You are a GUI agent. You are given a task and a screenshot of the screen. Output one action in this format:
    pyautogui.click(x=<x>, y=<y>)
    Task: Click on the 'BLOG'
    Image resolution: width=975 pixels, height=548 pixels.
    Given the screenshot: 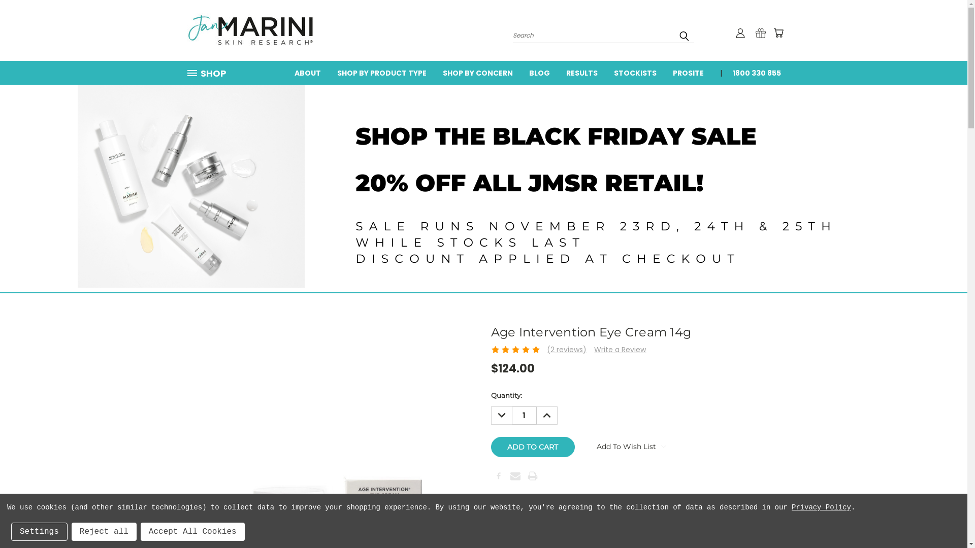 What is the action you would take?
    pyautogui.click(x=539, y=72)
    